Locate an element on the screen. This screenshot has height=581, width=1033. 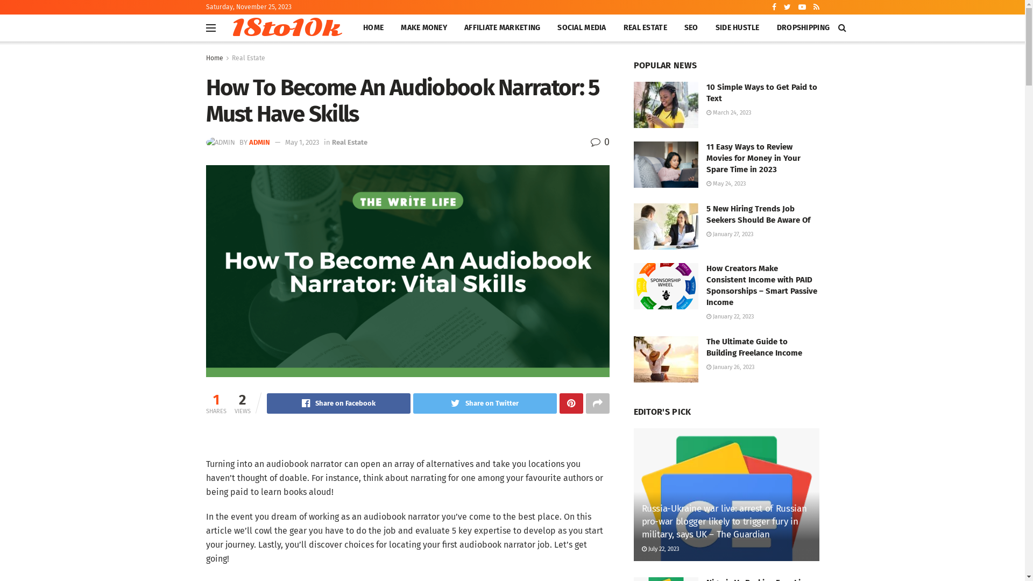
'SOCIAL MEDIA' is located at coordinates (548, 27).